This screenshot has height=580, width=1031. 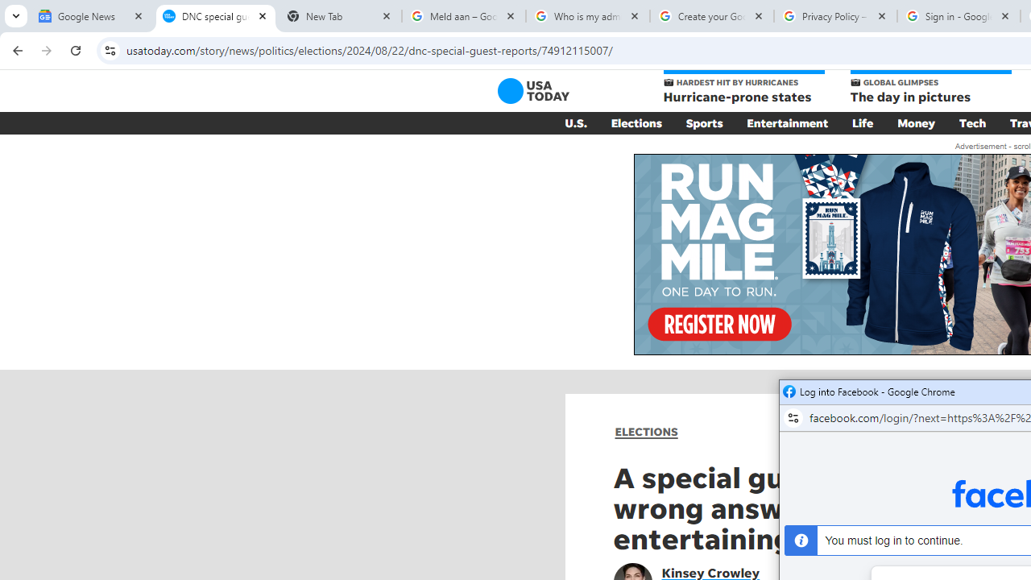 I want to click on 'Sign in - Google Accounts', so click(x=959, y=16).